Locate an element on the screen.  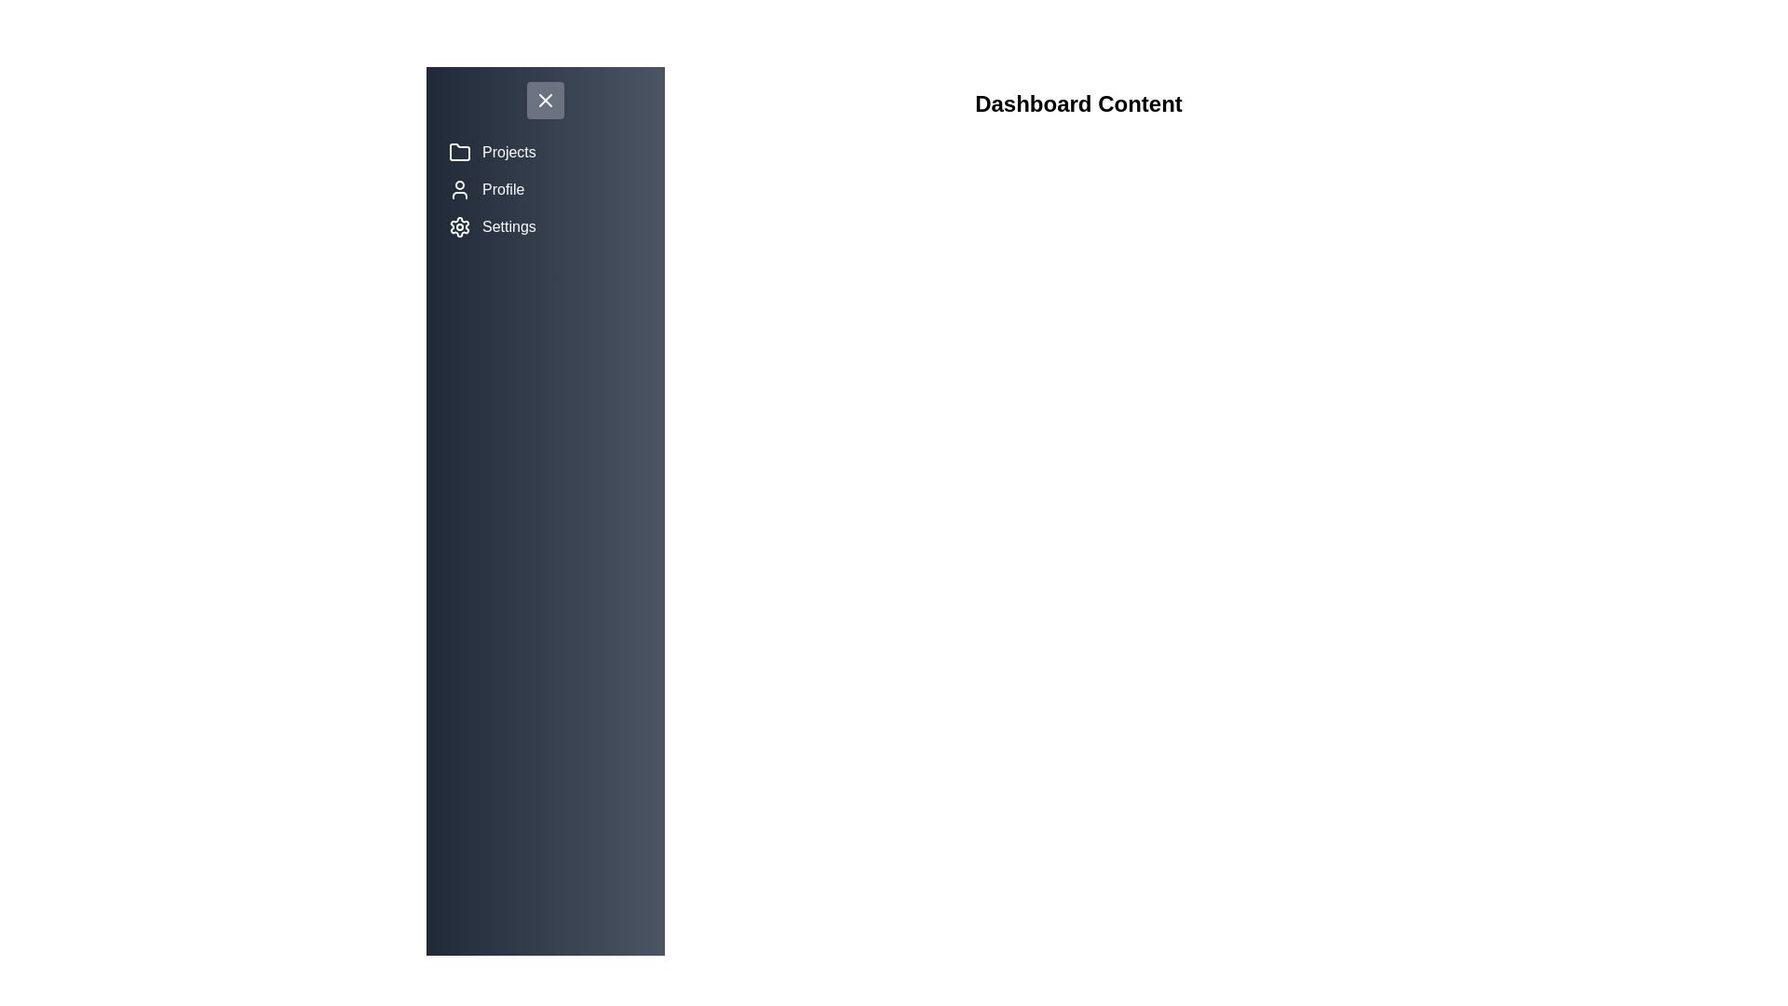
the menu item Profile to navigate is located at coordinates (544, 190).